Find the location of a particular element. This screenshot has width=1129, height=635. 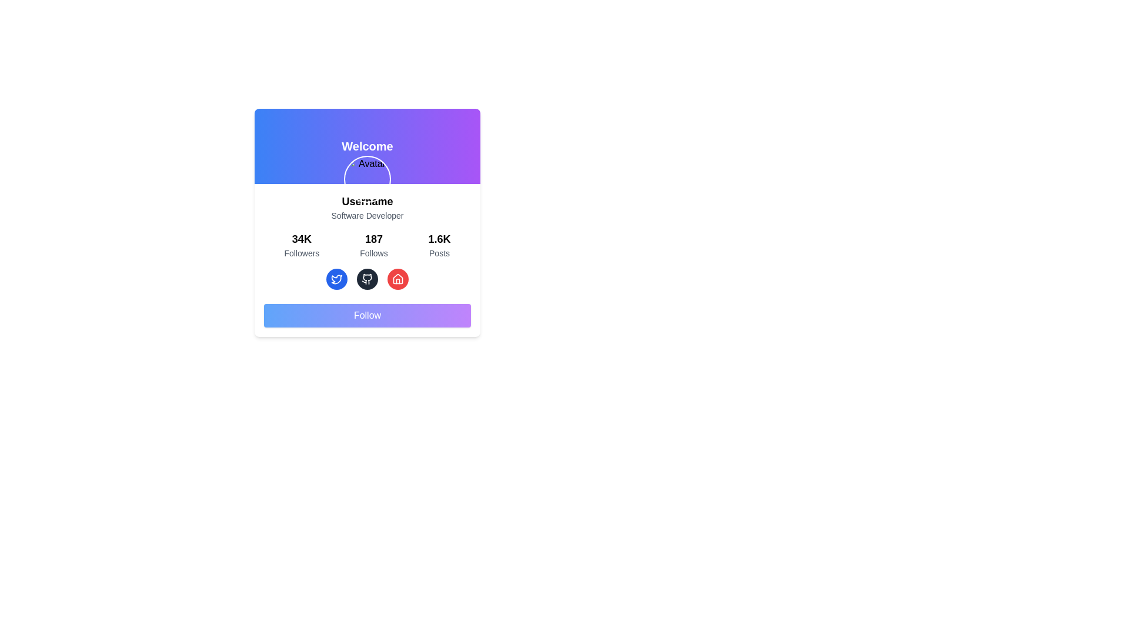

the text display element that shows the total number of posts attributed to the user, located on the right side of the statistics group in the user profile card layout is located at coordinates (439, 244).